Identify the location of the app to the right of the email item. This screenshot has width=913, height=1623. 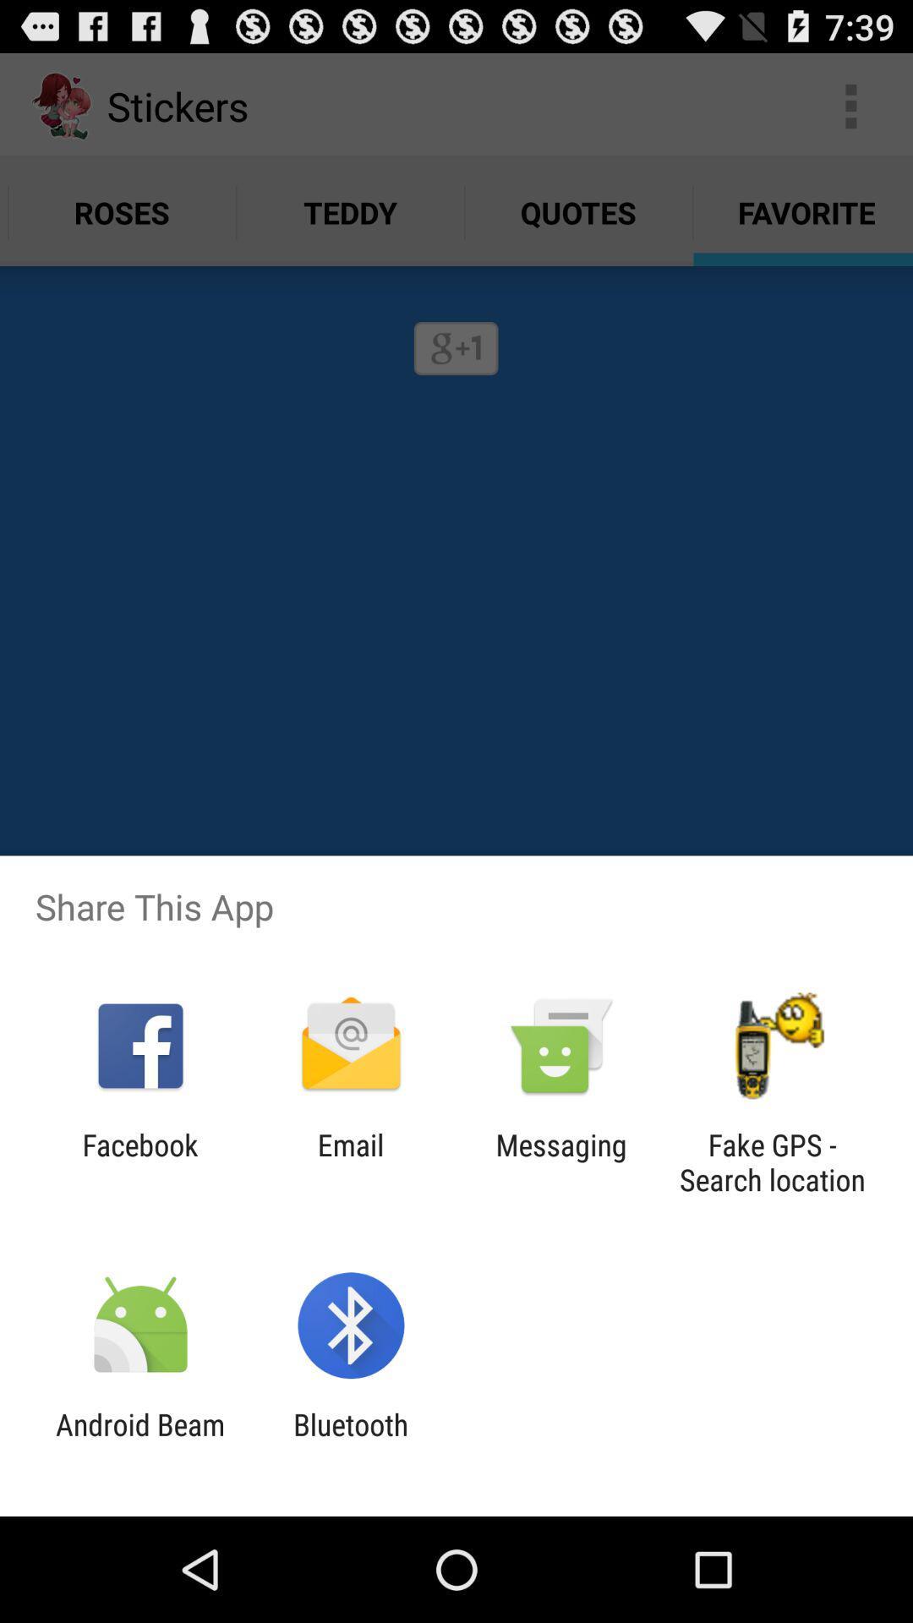
(561, 1161).